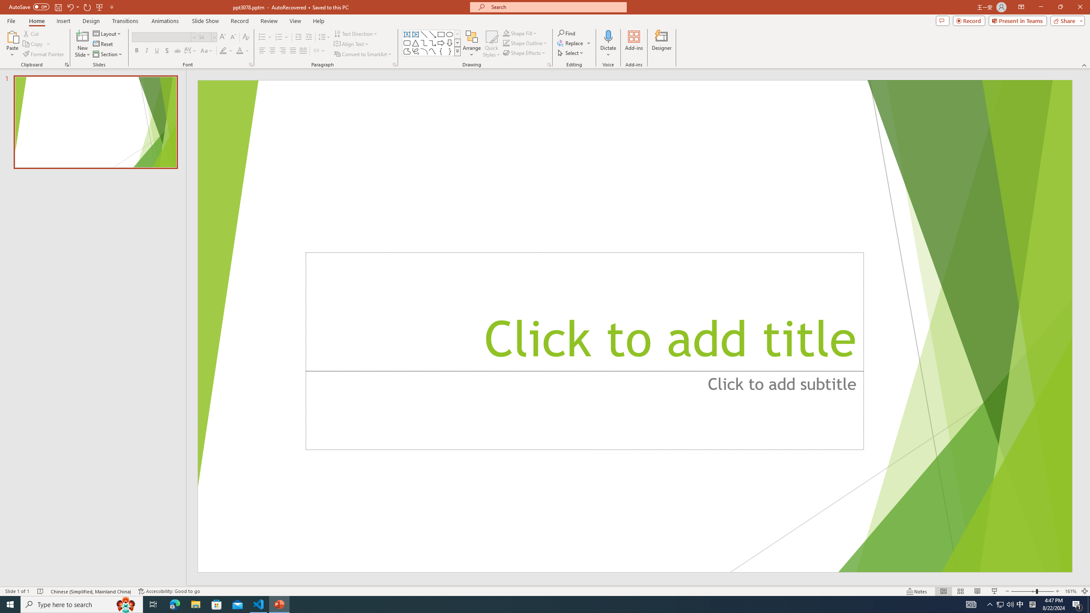  Describe the element at coordinates (549, 64) in the screenshot. I see `'Format Object...'` at that location.